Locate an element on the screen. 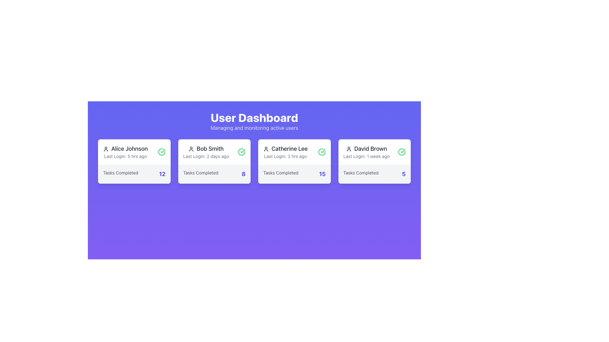  the Information Card that provides summary information about user Catherine Lee, located as the third item in the User Dashboard grid layout is located at coordinates (294, 161).